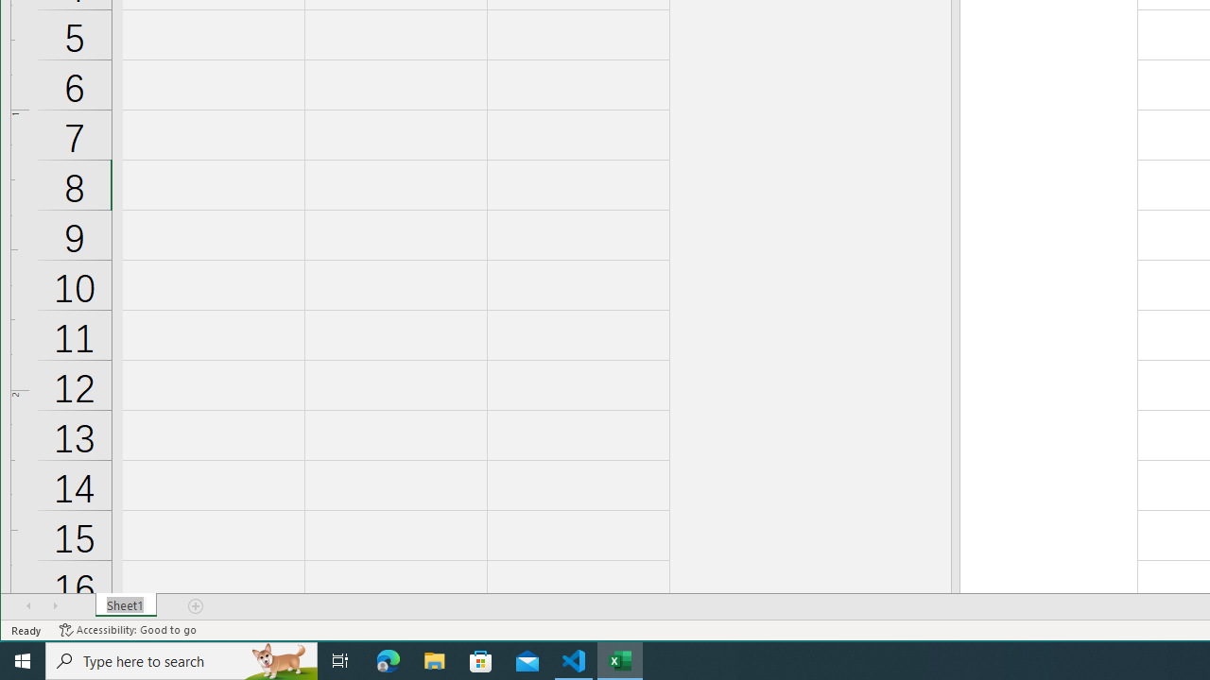 The image size is (1210, 680). Describe the element at coordinates (181, 659) in the screenshot. I see `'Type here to search'` at that location.